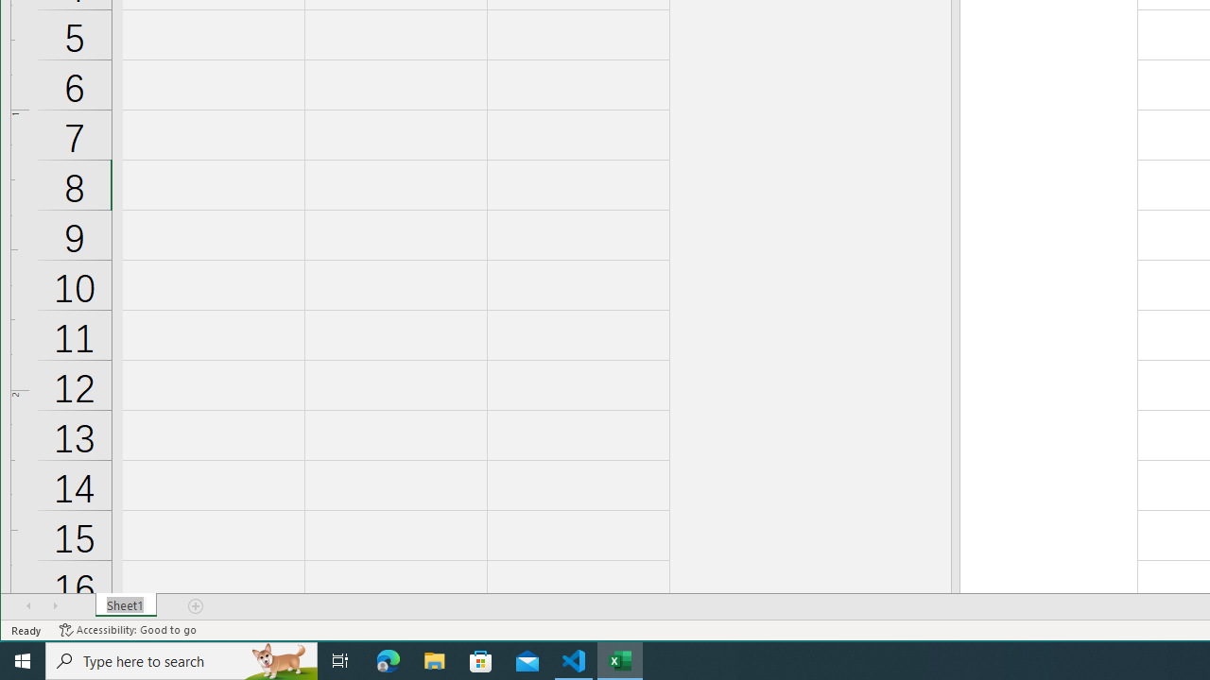 The image size is (1210, 680). Describe the element at coordinates (181, 659) in the screenshot. I see `'Type here to search'` at that location.